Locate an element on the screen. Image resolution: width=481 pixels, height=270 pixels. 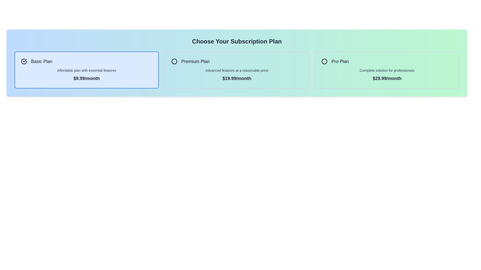
the circular checkbox styled as a selection indicator is located at coordinates (174, 61).